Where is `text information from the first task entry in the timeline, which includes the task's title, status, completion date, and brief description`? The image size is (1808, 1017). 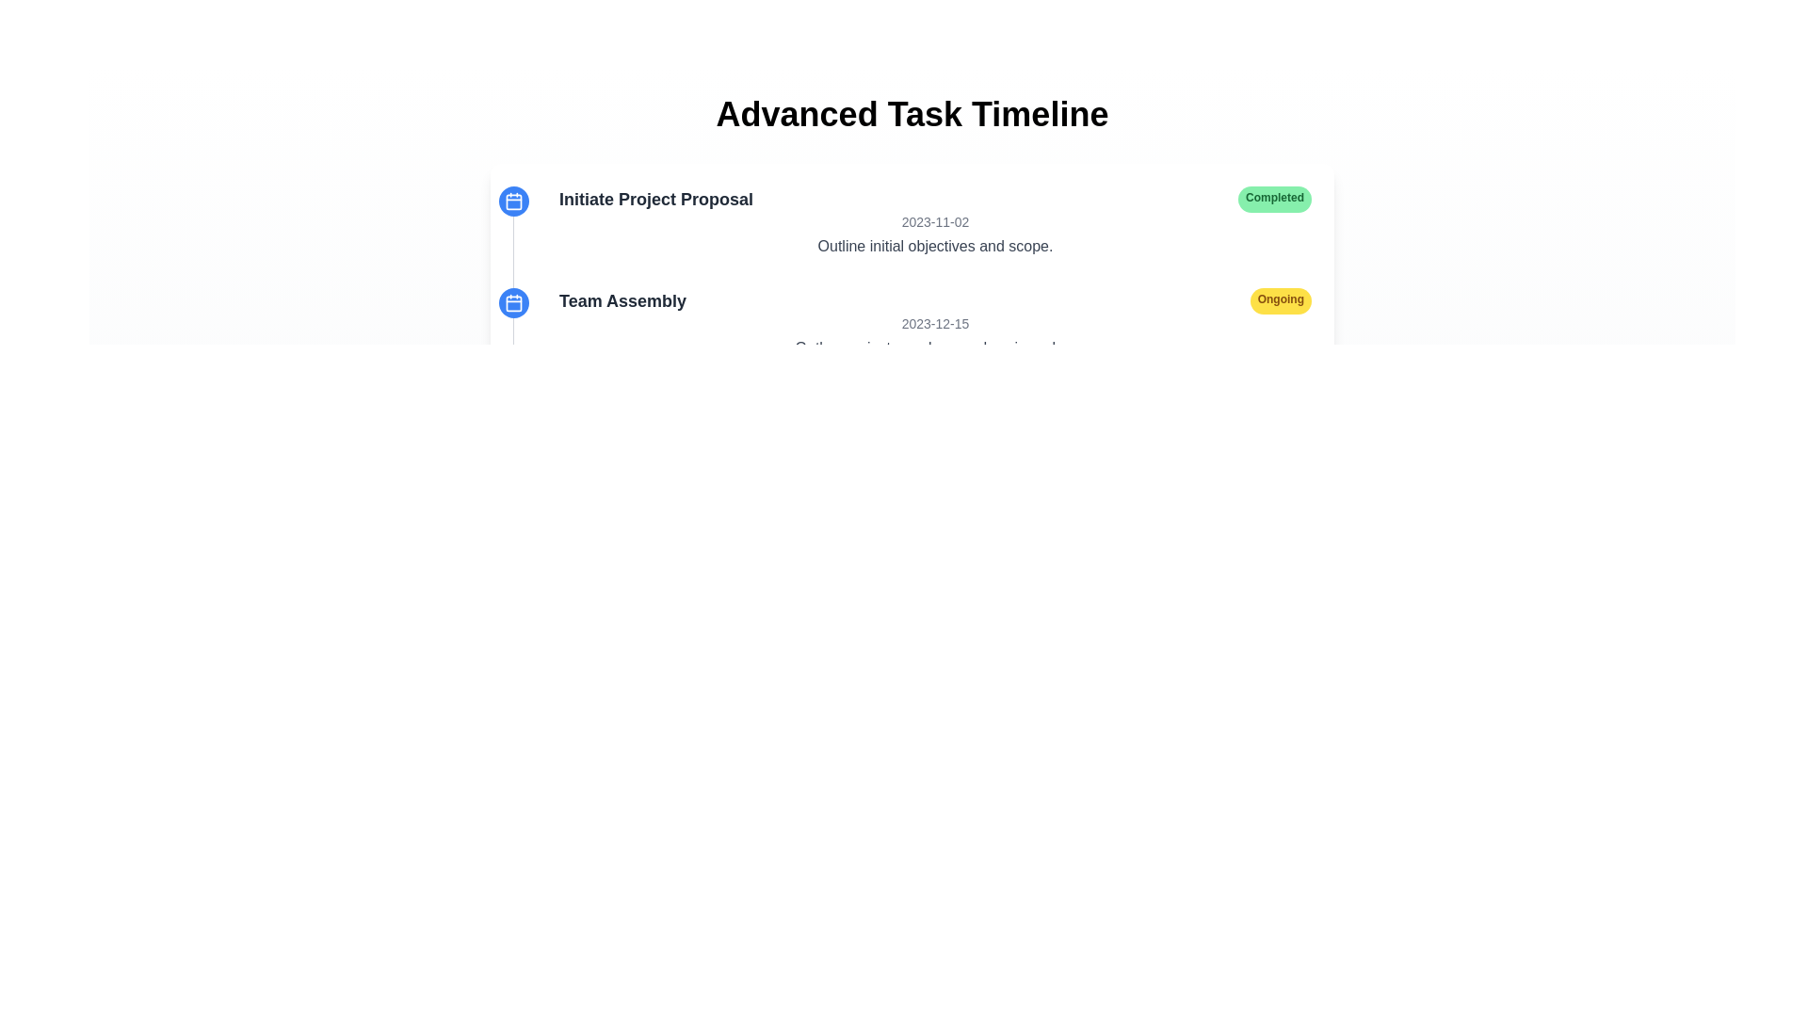
text information from the first task entry in the timeline, which includes the task's title, status, completion date, and brief description is located at coordinates (920, 220).